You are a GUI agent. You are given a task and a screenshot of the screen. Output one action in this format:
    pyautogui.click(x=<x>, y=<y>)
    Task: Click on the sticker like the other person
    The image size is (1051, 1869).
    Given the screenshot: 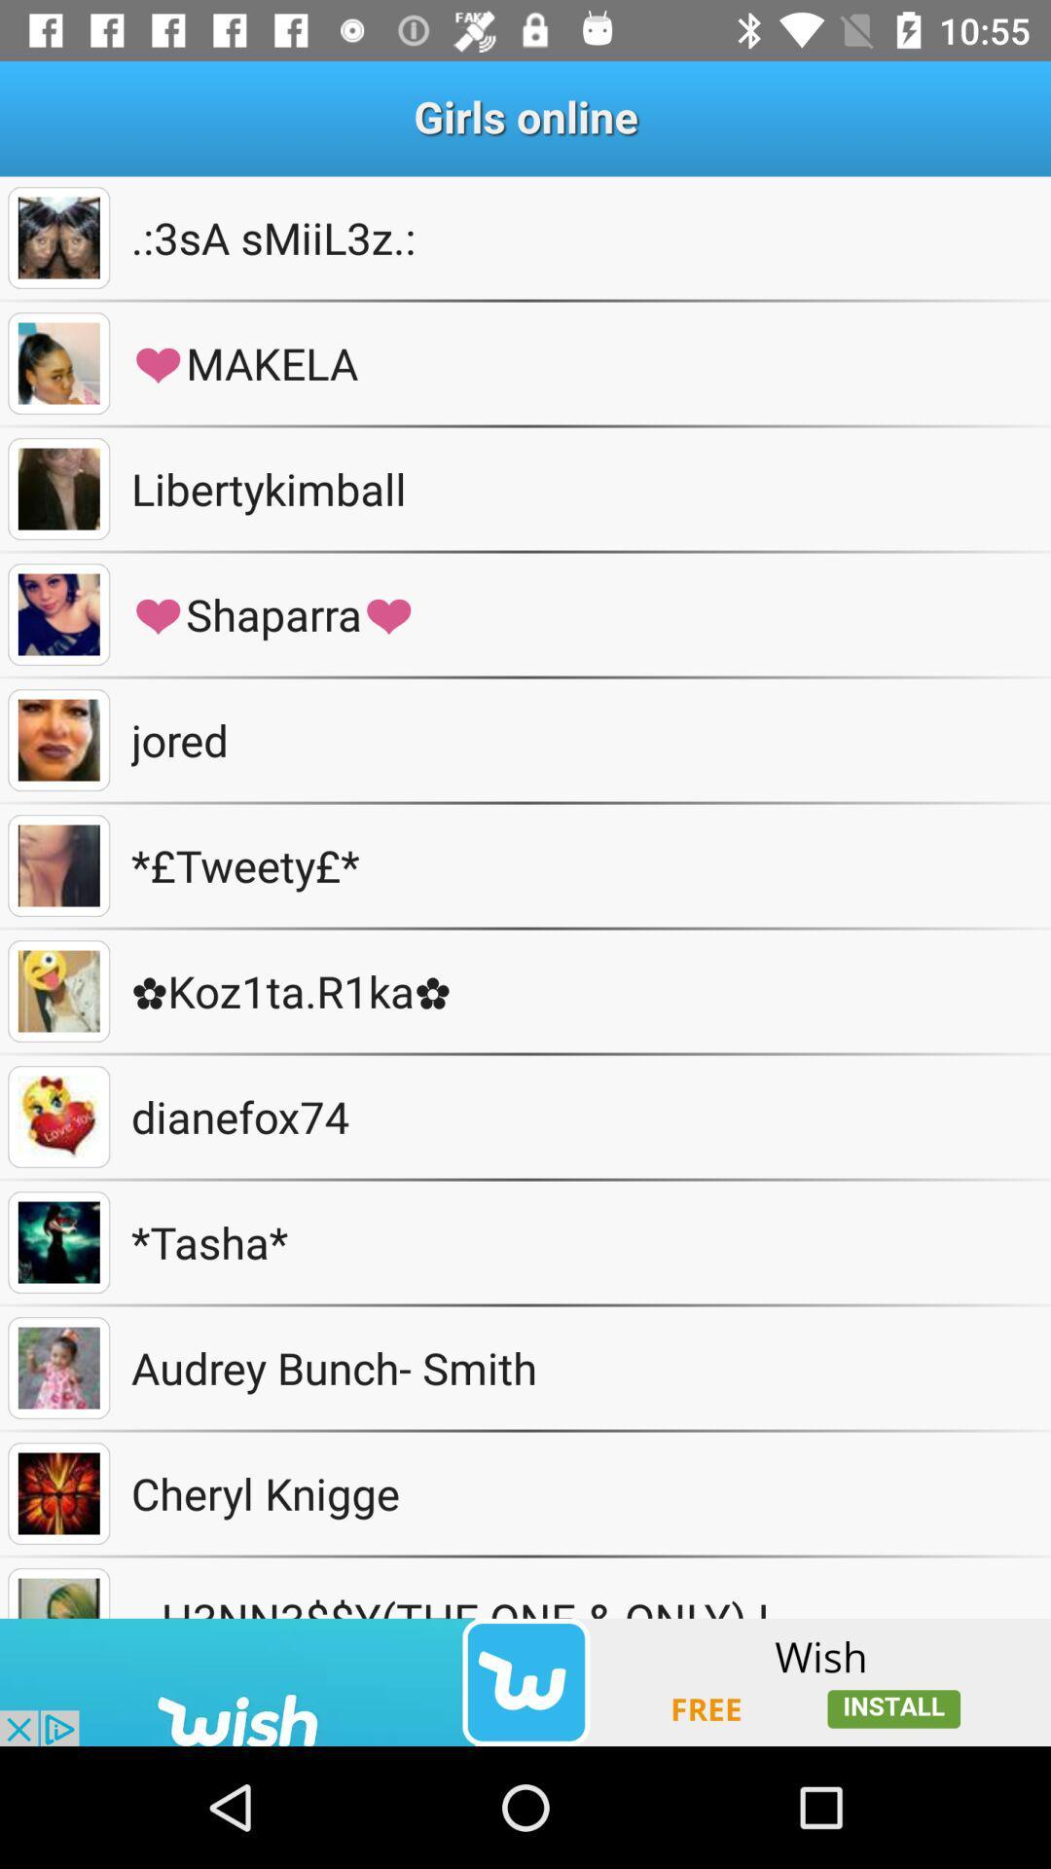 What is the action you would take?
    pyautogui.click(x=57, y=1117)
    